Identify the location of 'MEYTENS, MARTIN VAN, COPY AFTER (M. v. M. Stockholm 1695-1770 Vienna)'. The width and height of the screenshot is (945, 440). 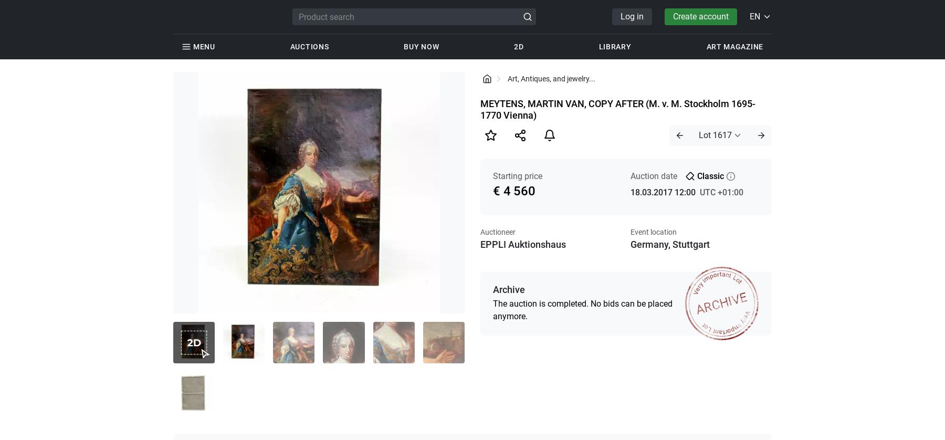
(479, 109).